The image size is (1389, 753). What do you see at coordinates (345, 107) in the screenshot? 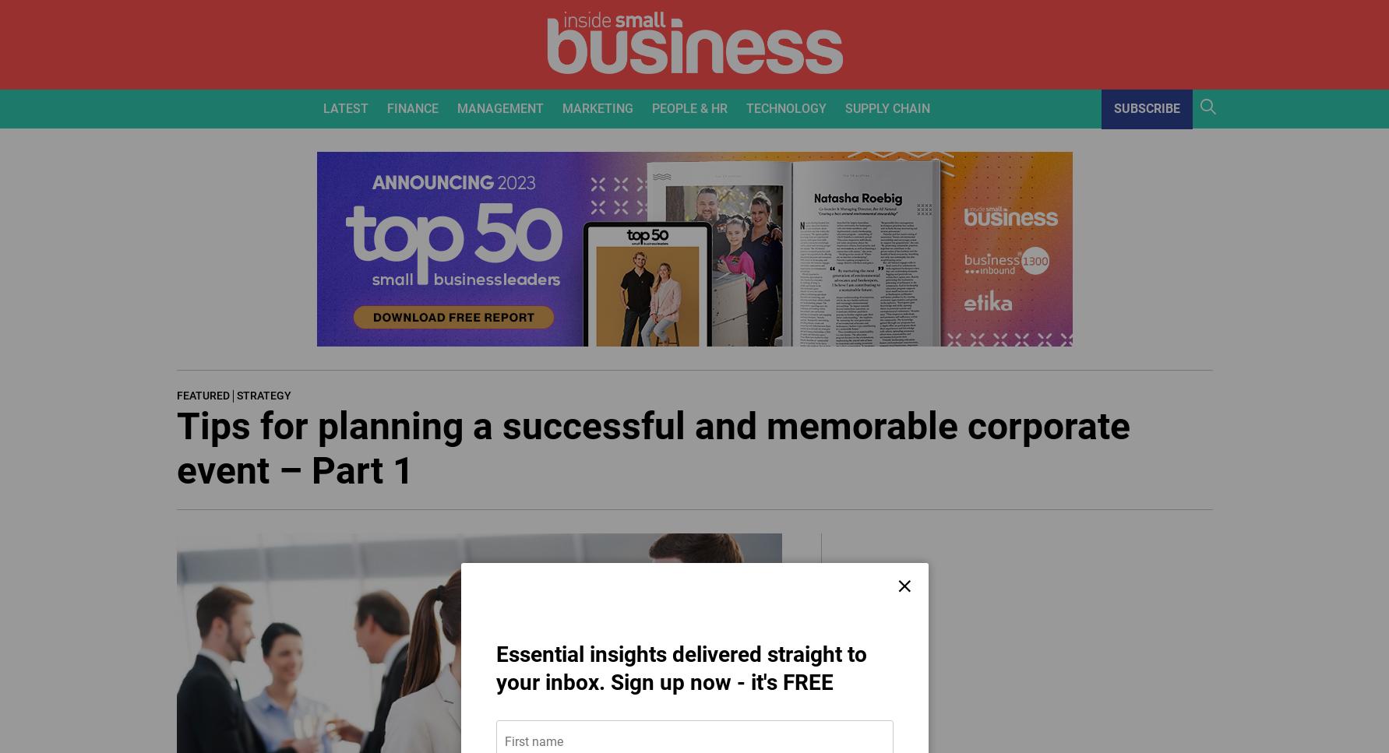
I see `'Latest'` at bounding box center [345, 107].